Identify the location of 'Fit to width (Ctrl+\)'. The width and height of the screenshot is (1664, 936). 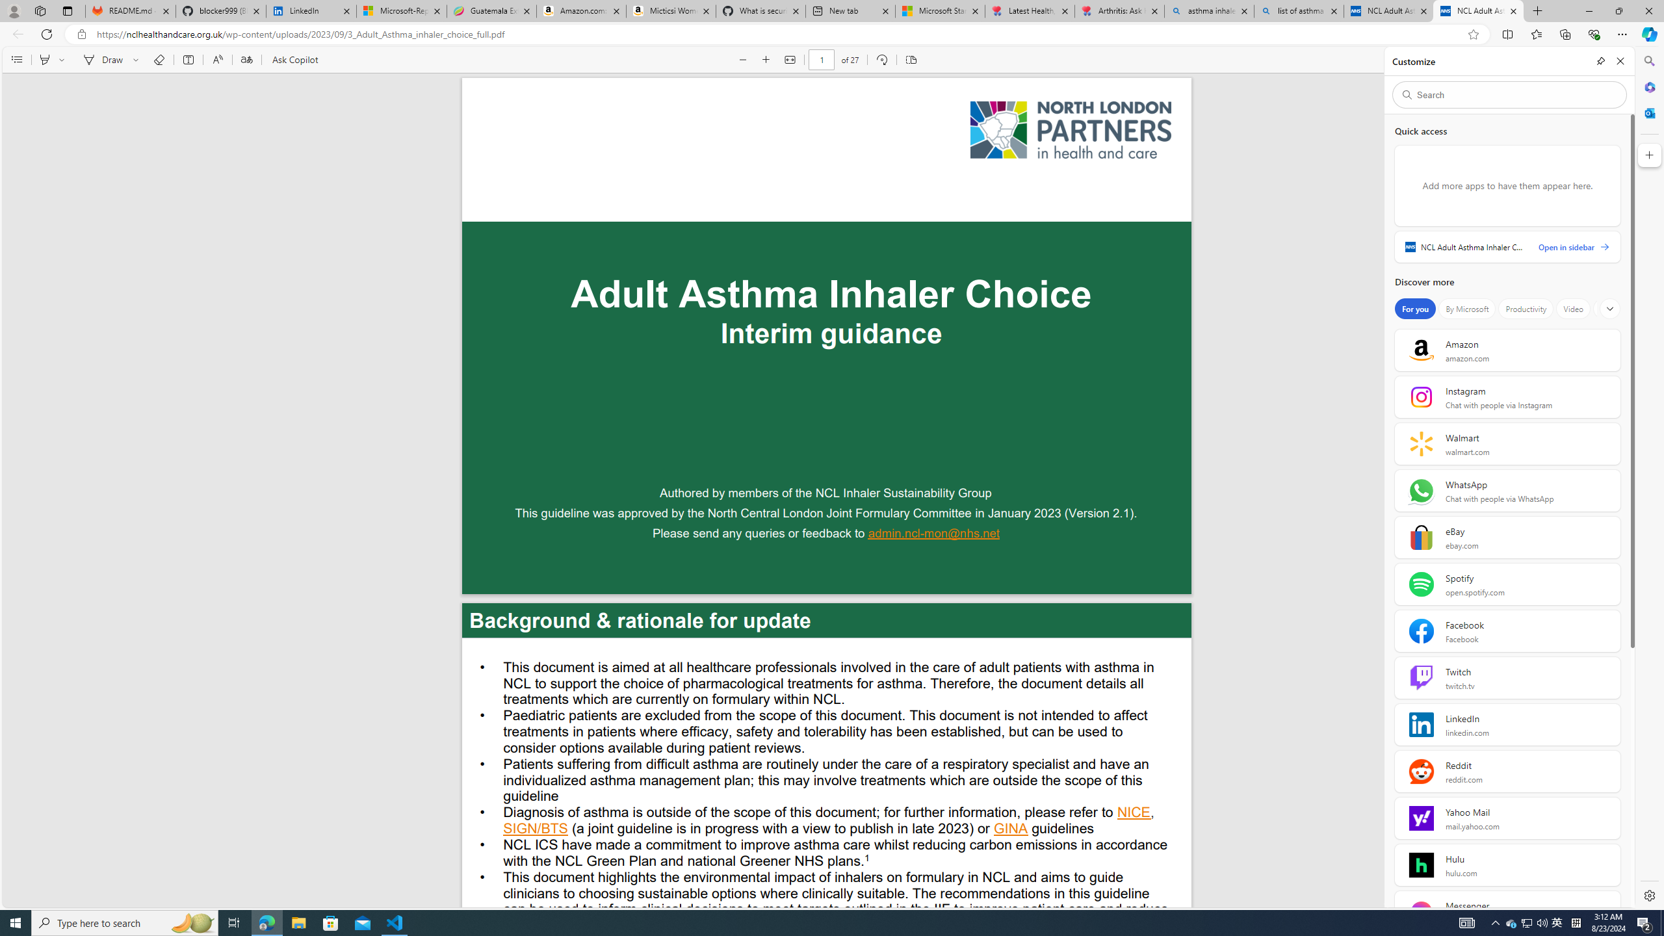
(790, 59).